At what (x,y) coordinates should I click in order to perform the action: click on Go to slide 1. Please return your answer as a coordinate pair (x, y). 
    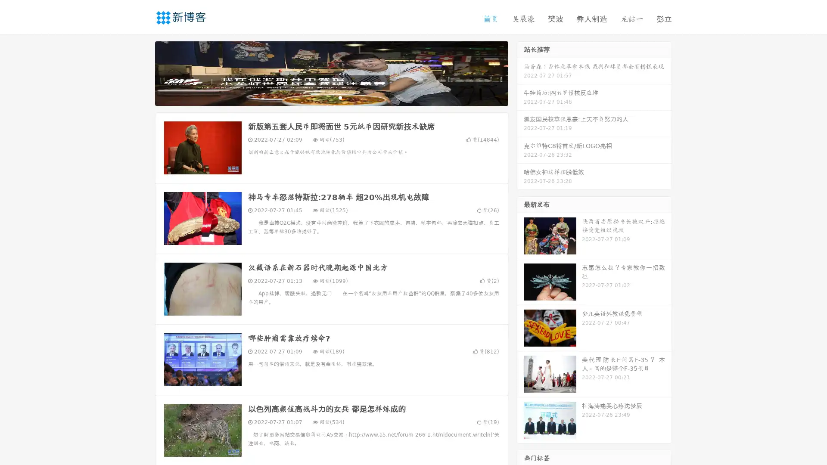
    Looking at the image, I should click on (322, 97).